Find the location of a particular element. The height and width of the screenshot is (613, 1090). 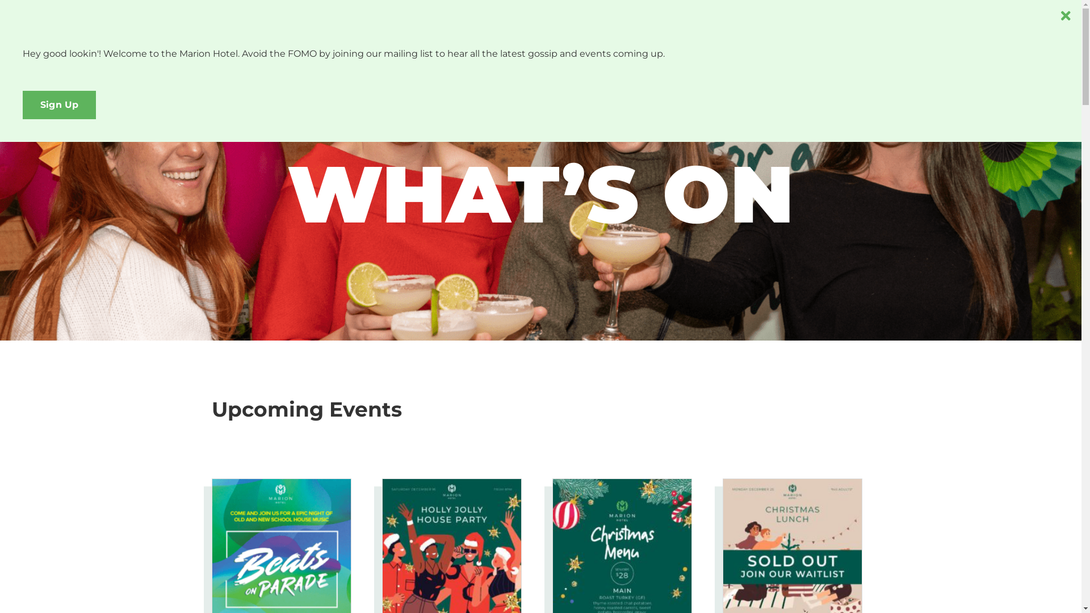

'Sign Up' is located at coordinates (22, 105).